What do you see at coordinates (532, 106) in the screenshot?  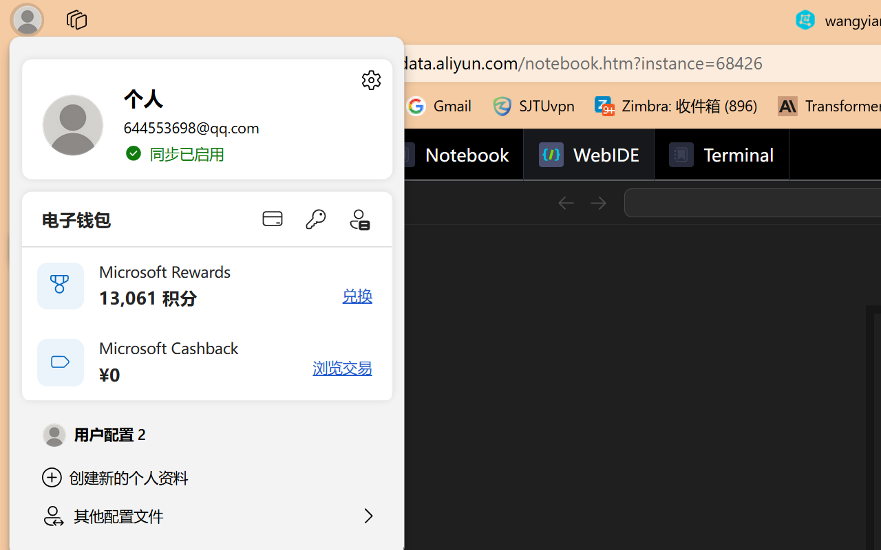 I see `'SJTUvpn'` at bounding box center [532, 106].